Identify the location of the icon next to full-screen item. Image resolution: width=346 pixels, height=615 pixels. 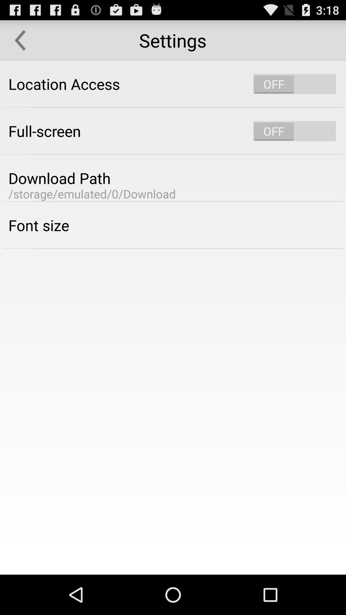
(294, 131).